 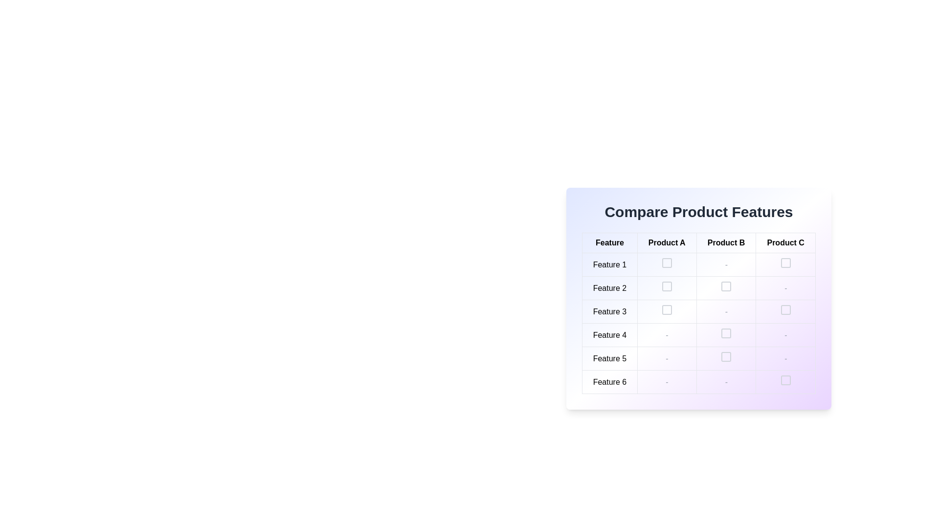 What do you see at coordinates (666, 286) in the screenshot?
I see `the checkbox` at bounding box center [666, 286].